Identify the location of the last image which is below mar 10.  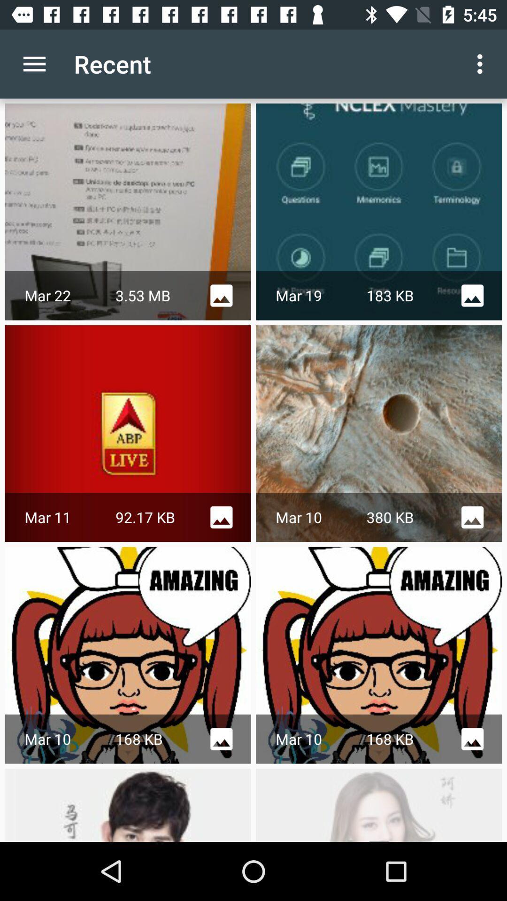
(128, 804).